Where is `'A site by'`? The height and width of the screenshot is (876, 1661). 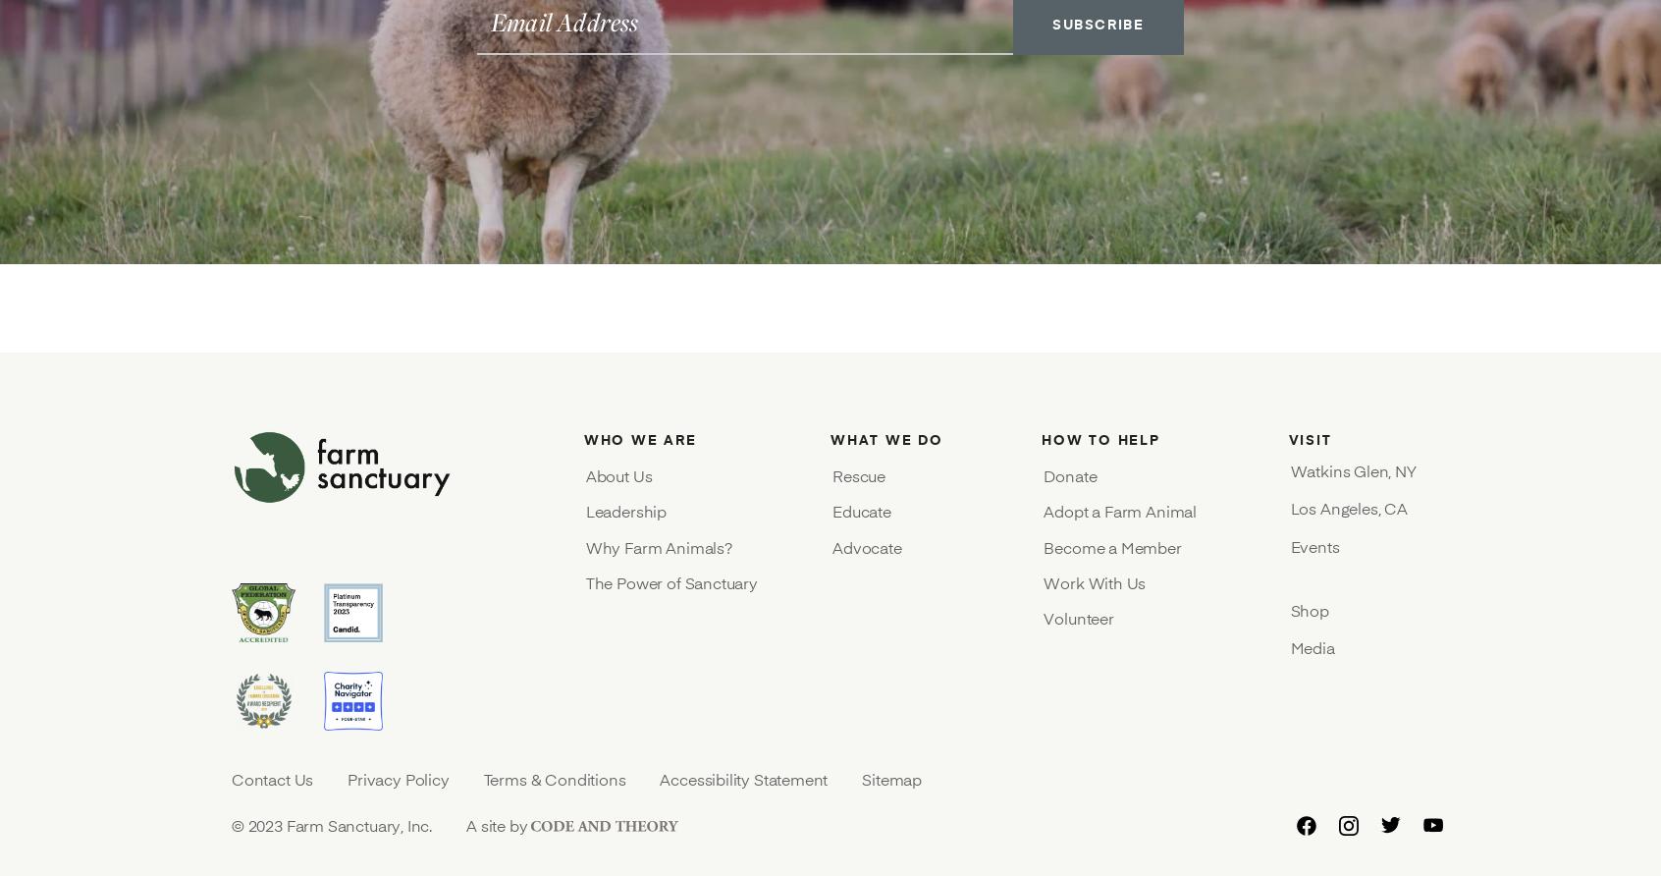 'A site by' is located at coordinates (498, 823).